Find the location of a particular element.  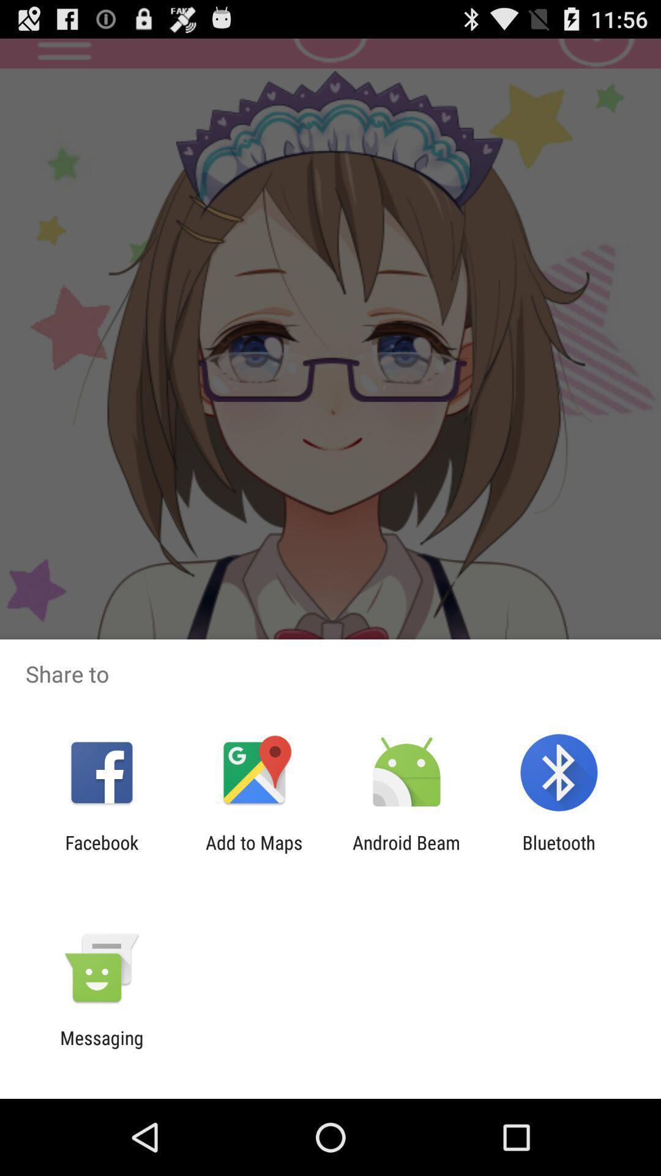

the bluetooth app is located at coordinates (559, 853).